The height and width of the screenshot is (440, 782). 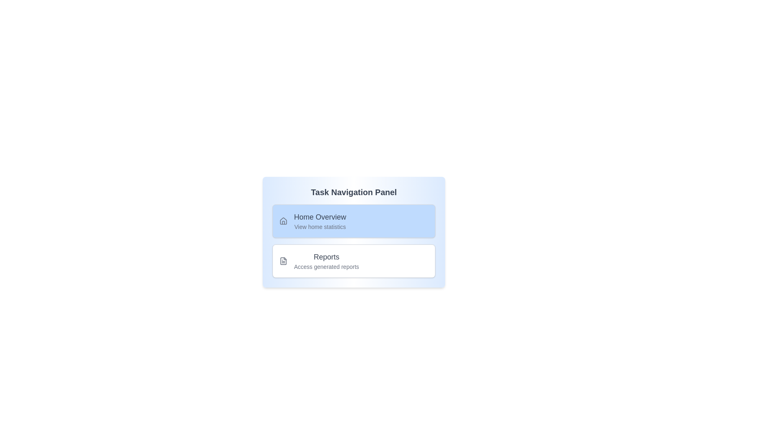 What do you see at coordinates (354, 221) in the screenshot?
I see `the task Home Overview to display its details` at bounding box center [354, 221].